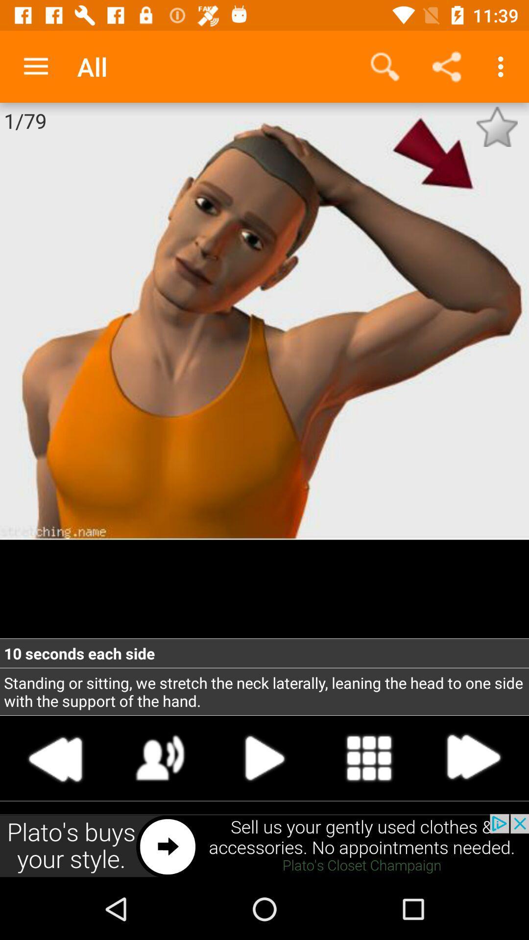 This screenshot has width=529, height=940. What do you see at coordinates (56, 758) in the screenshot?
I see `second icon of left of play button at the bottom` at bounding box center [56, 758].